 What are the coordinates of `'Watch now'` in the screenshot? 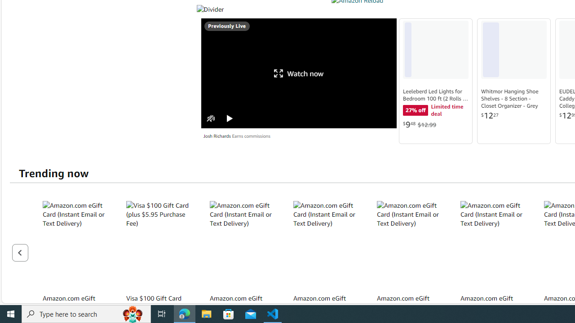 It's located at (299, 73).